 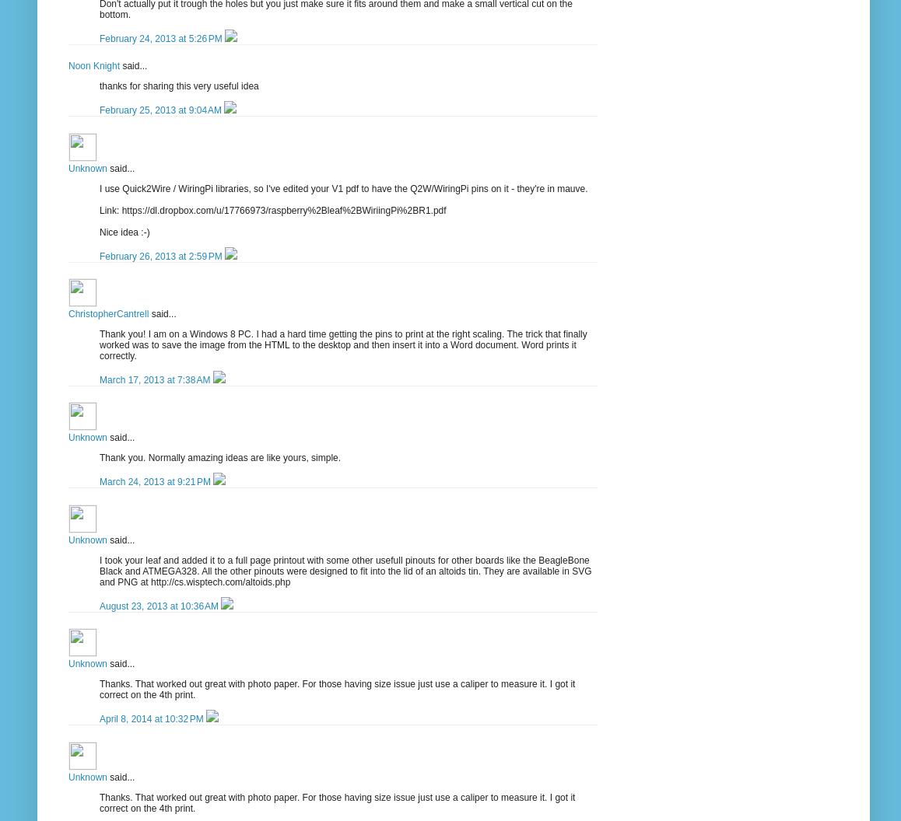 What do you see at coordinates (343, 187) in the screenshot?
I see `'I use Quick2Wire / WiringPi libraries, so I've edited your V1 pdf to have the Q2W/WiringPi pins on it - they're in mauve.'` at bounding box center [343, 187].